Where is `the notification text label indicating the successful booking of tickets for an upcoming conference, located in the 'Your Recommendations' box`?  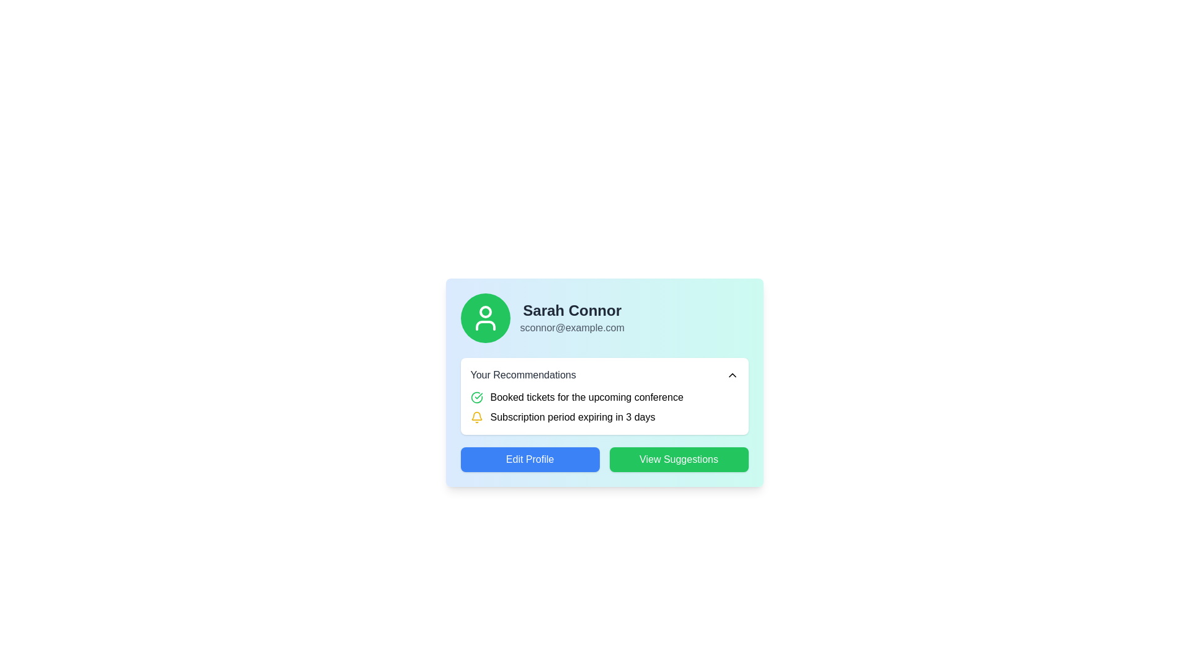 the notification text label indicating the successful booking of tickets for an upcoming conference, located in the 'Your Recommendations' box is located at coordinates (604, 397).